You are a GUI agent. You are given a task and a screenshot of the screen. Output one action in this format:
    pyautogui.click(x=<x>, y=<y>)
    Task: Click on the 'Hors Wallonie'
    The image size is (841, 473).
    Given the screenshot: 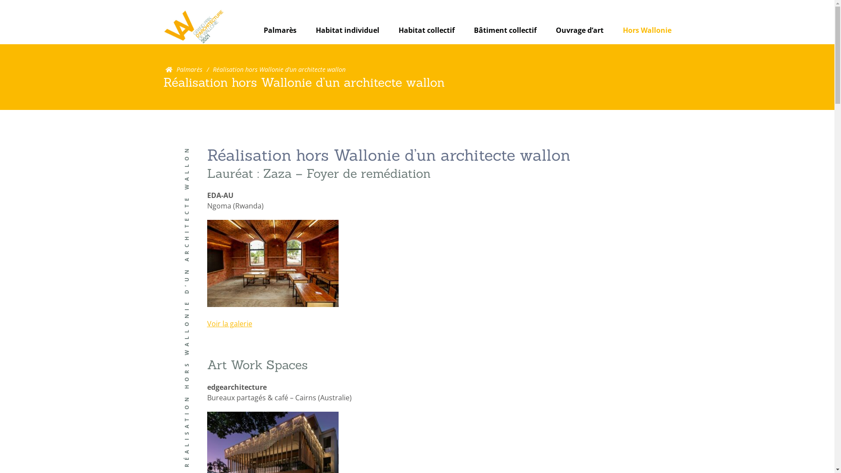 What is the action you would take?
    pyautogui.click(x=647, y=30)
    